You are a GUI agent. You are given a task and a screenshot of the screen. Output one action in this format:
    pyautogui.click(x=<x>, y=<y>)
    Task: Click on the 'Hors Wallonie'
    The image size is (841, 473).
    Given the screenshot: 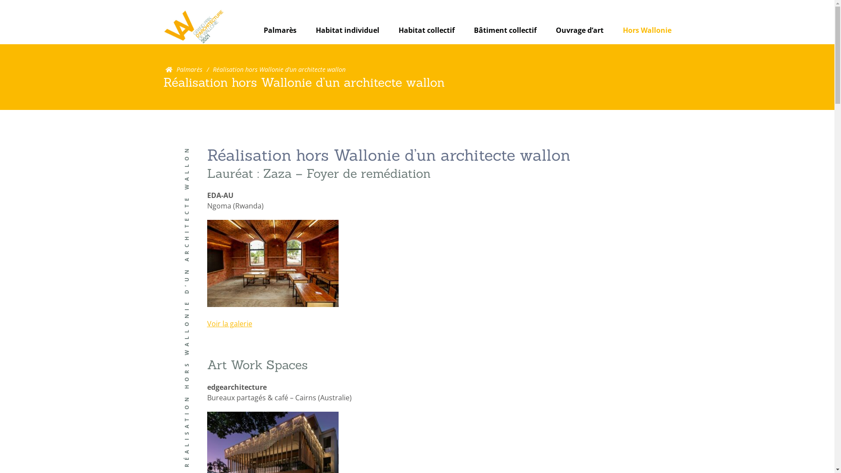 What is the action you would take?
    pyautogui.click(x=647, y=30)
    